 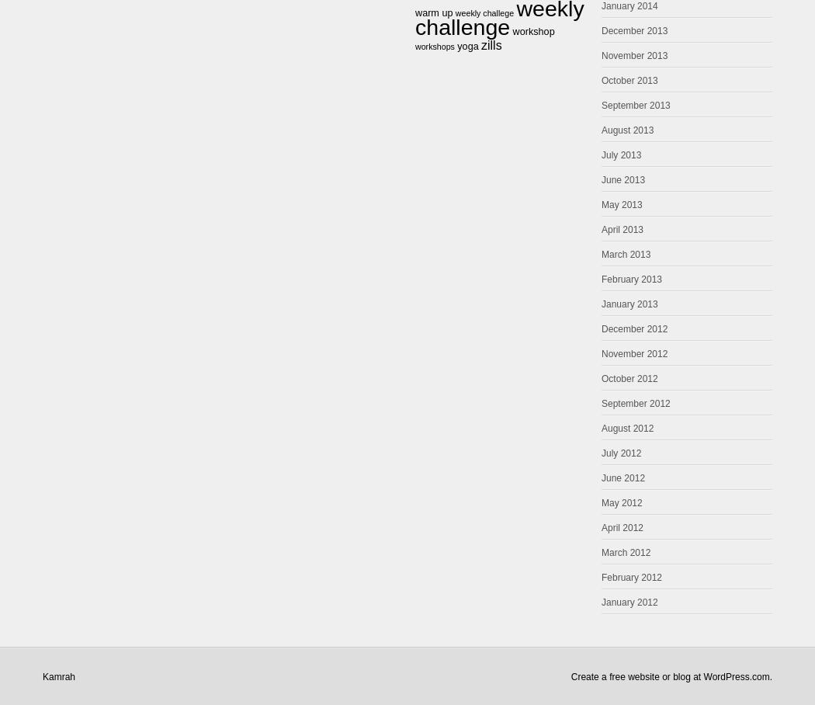 I want to click on 'April 2013', so click(x=621, y=229).